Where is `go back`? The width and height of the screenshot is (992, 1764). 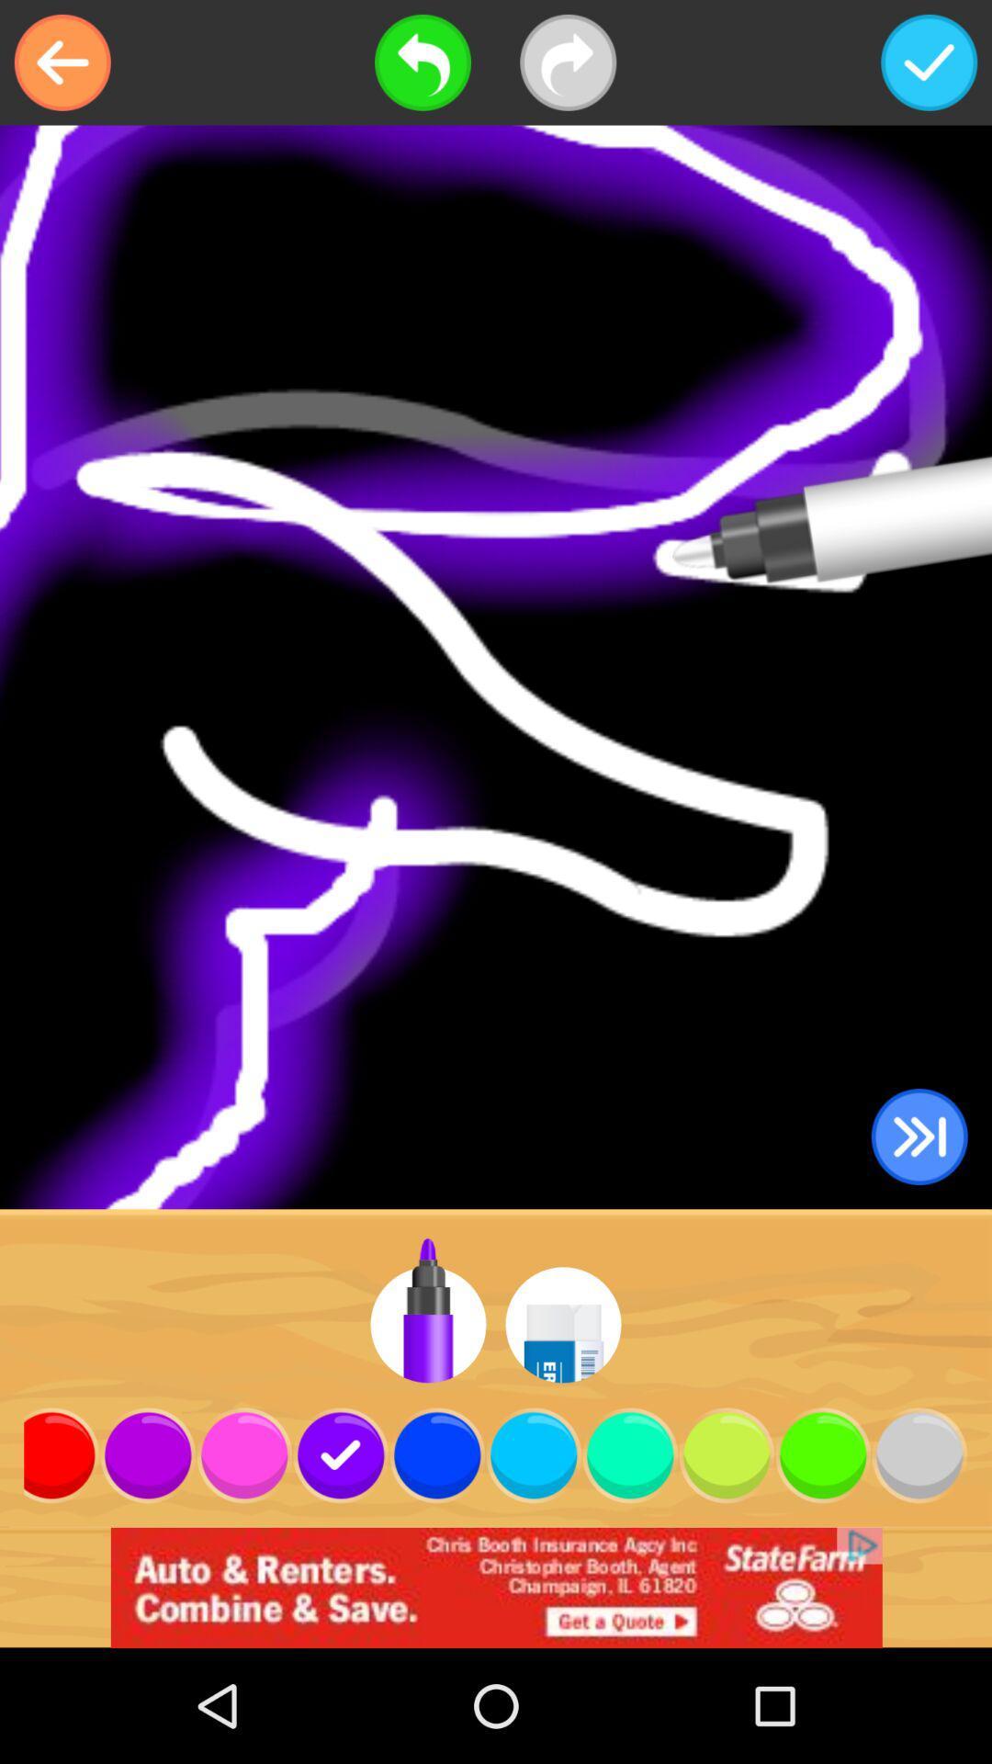 go back is located at coordinates (62, 62).